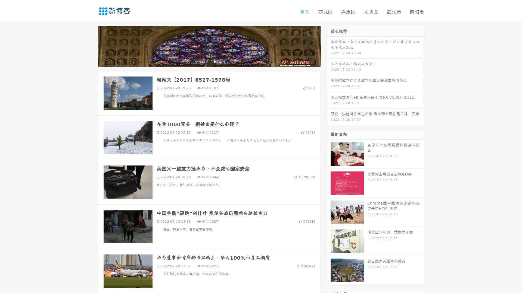 This screenshot has height=293, width=522. What do you see at coordinates (328, 46) in the screenshot?
I see `Next slide` at bounding box center [328, 46].